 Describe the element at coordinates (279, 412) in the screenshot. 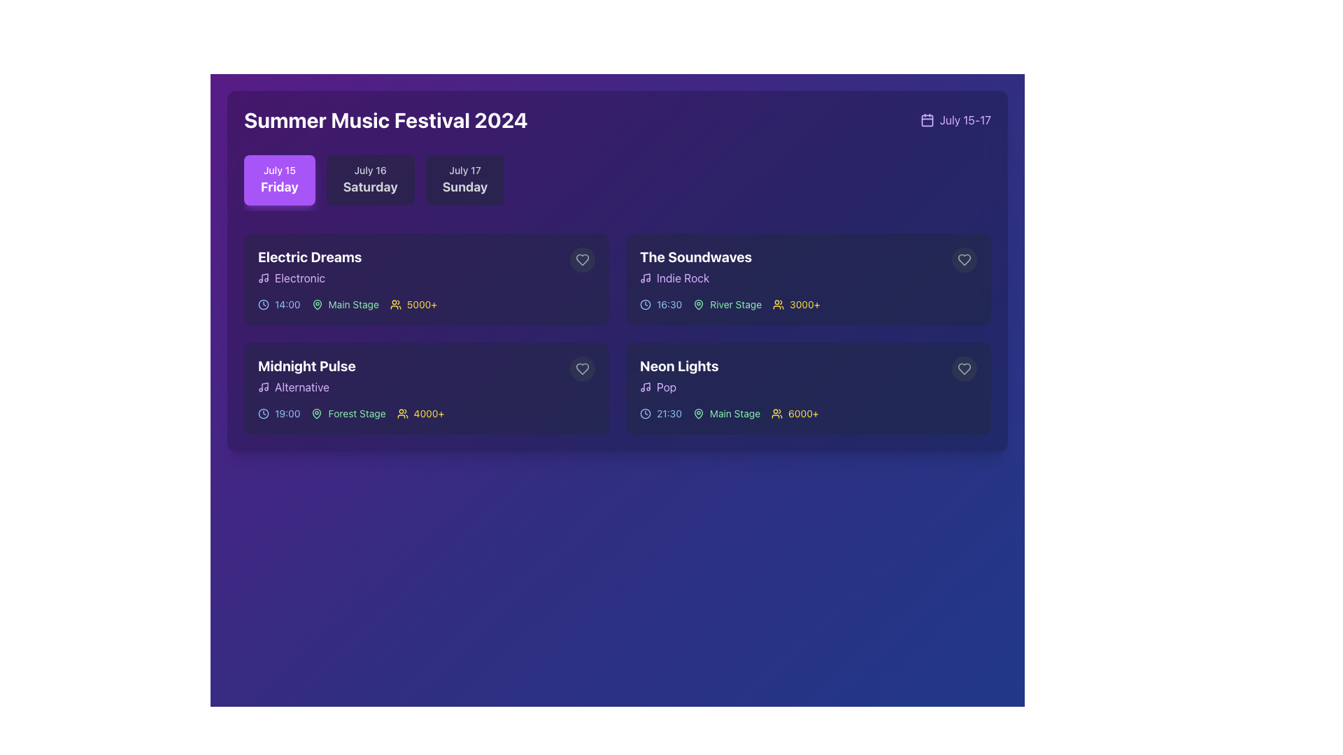

I see `time displayed in the Time Label with Icon showing '19:00' in blue text, located in the first position of the details row for the 'Midnight Pulse' event on Friday` at that location.